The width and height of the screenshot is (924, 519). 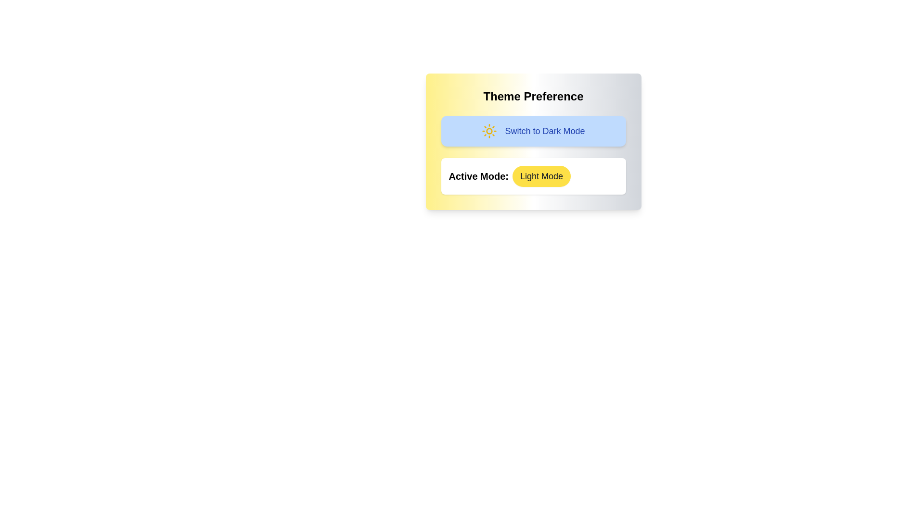 What do you see at coordinates (533, 131) in the screenshot?
I see `the button that switches the application theme to dark mode, located below 'Theme Preference' and above 'Active Mode: Light Mode'` at bounding box center [533, 131].